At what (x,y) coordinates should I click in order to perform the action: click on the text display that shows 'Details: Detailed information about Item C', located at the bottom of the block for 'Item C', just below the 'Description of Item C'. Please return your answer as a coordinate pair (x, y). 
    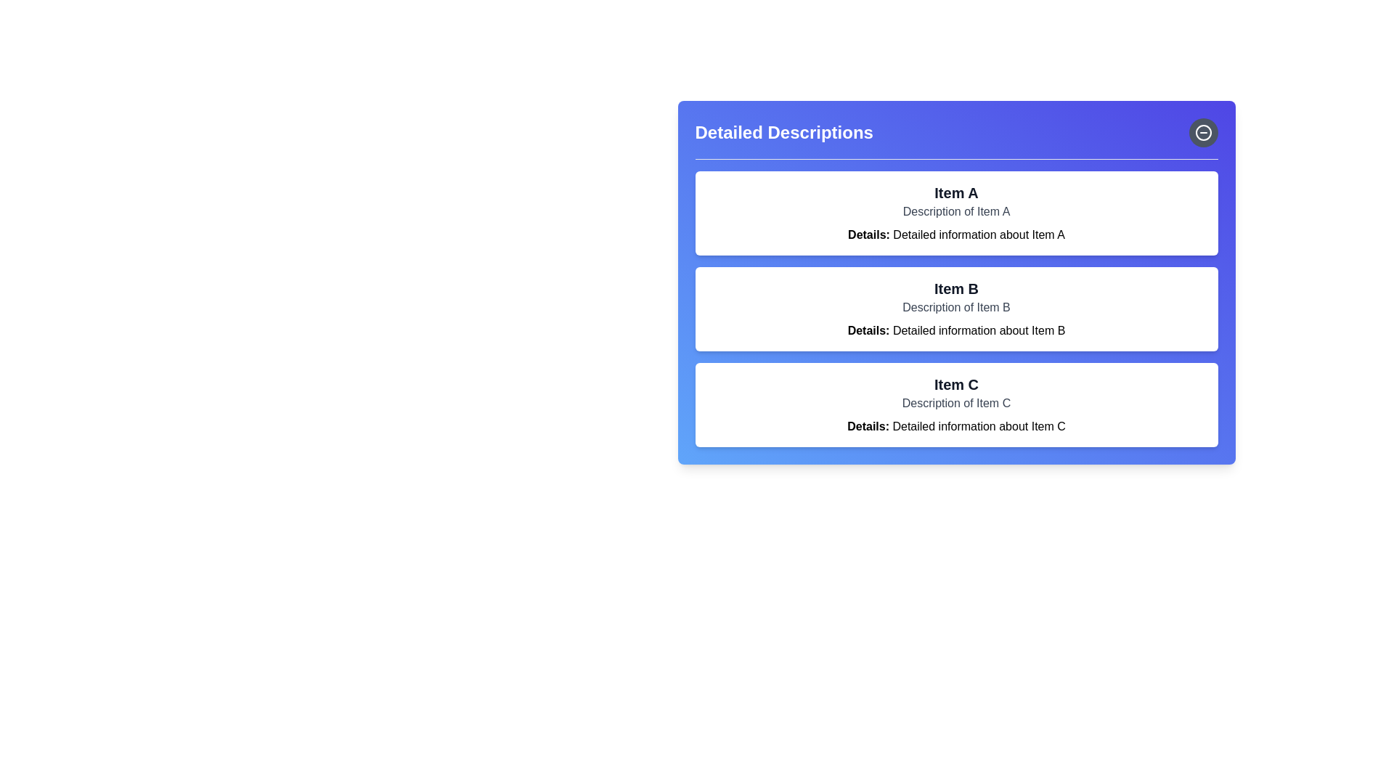
    Looking at the image, I should click on (956, 425).